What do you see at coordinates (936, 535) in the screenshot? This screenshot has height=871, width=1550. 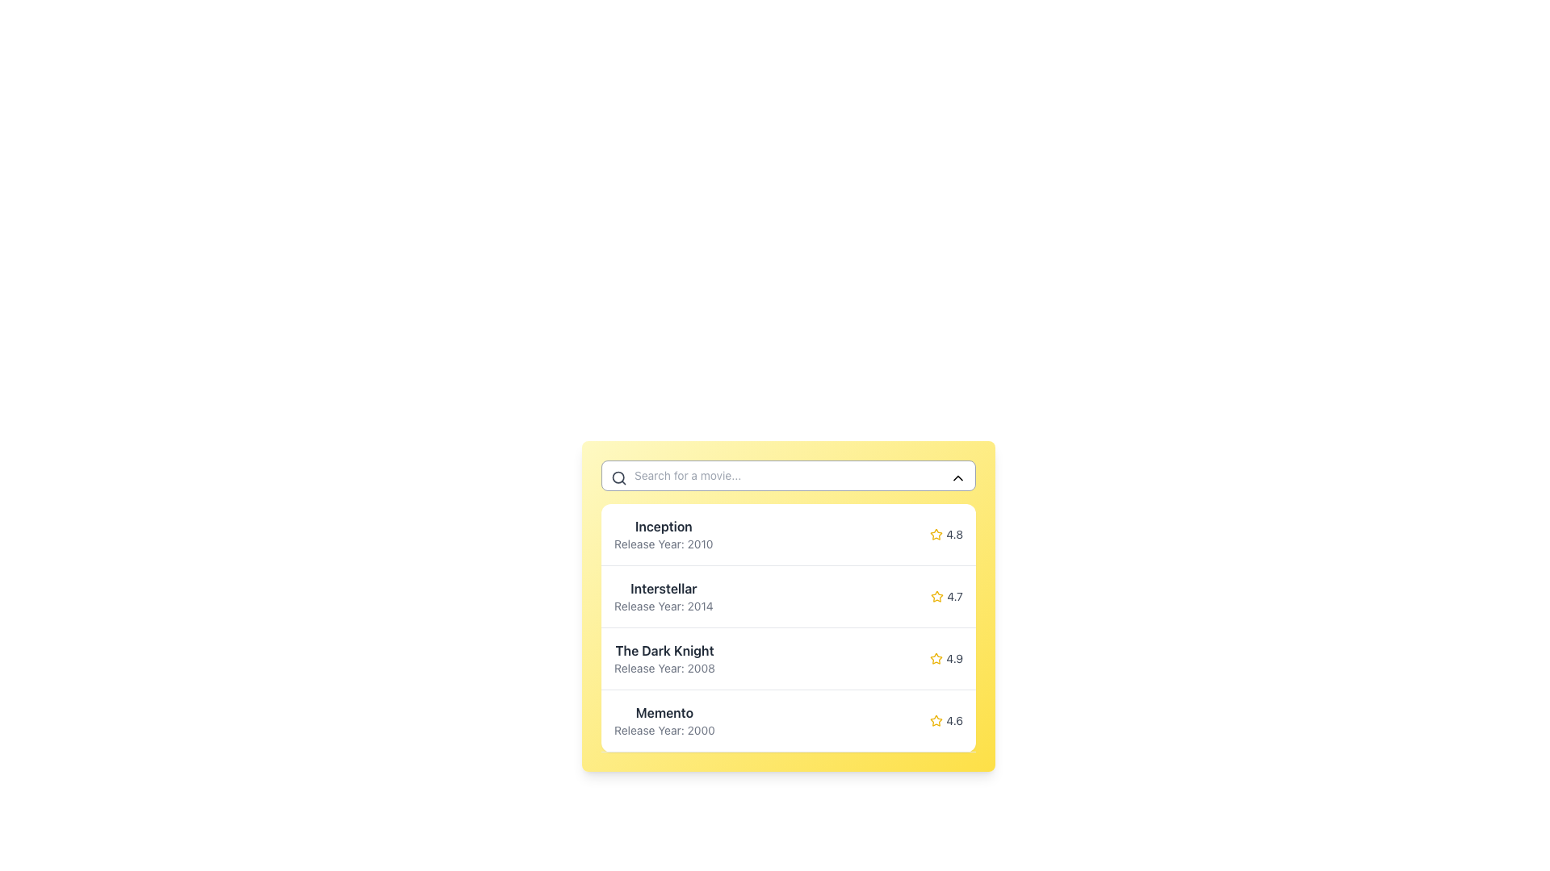 I see `the star-shaped icon with a golden yellow fill and a thin outline, which is located next to the numeric text '4.8' and aligned horizontally near the text 'Inception'` at bounding box center [936, 535].